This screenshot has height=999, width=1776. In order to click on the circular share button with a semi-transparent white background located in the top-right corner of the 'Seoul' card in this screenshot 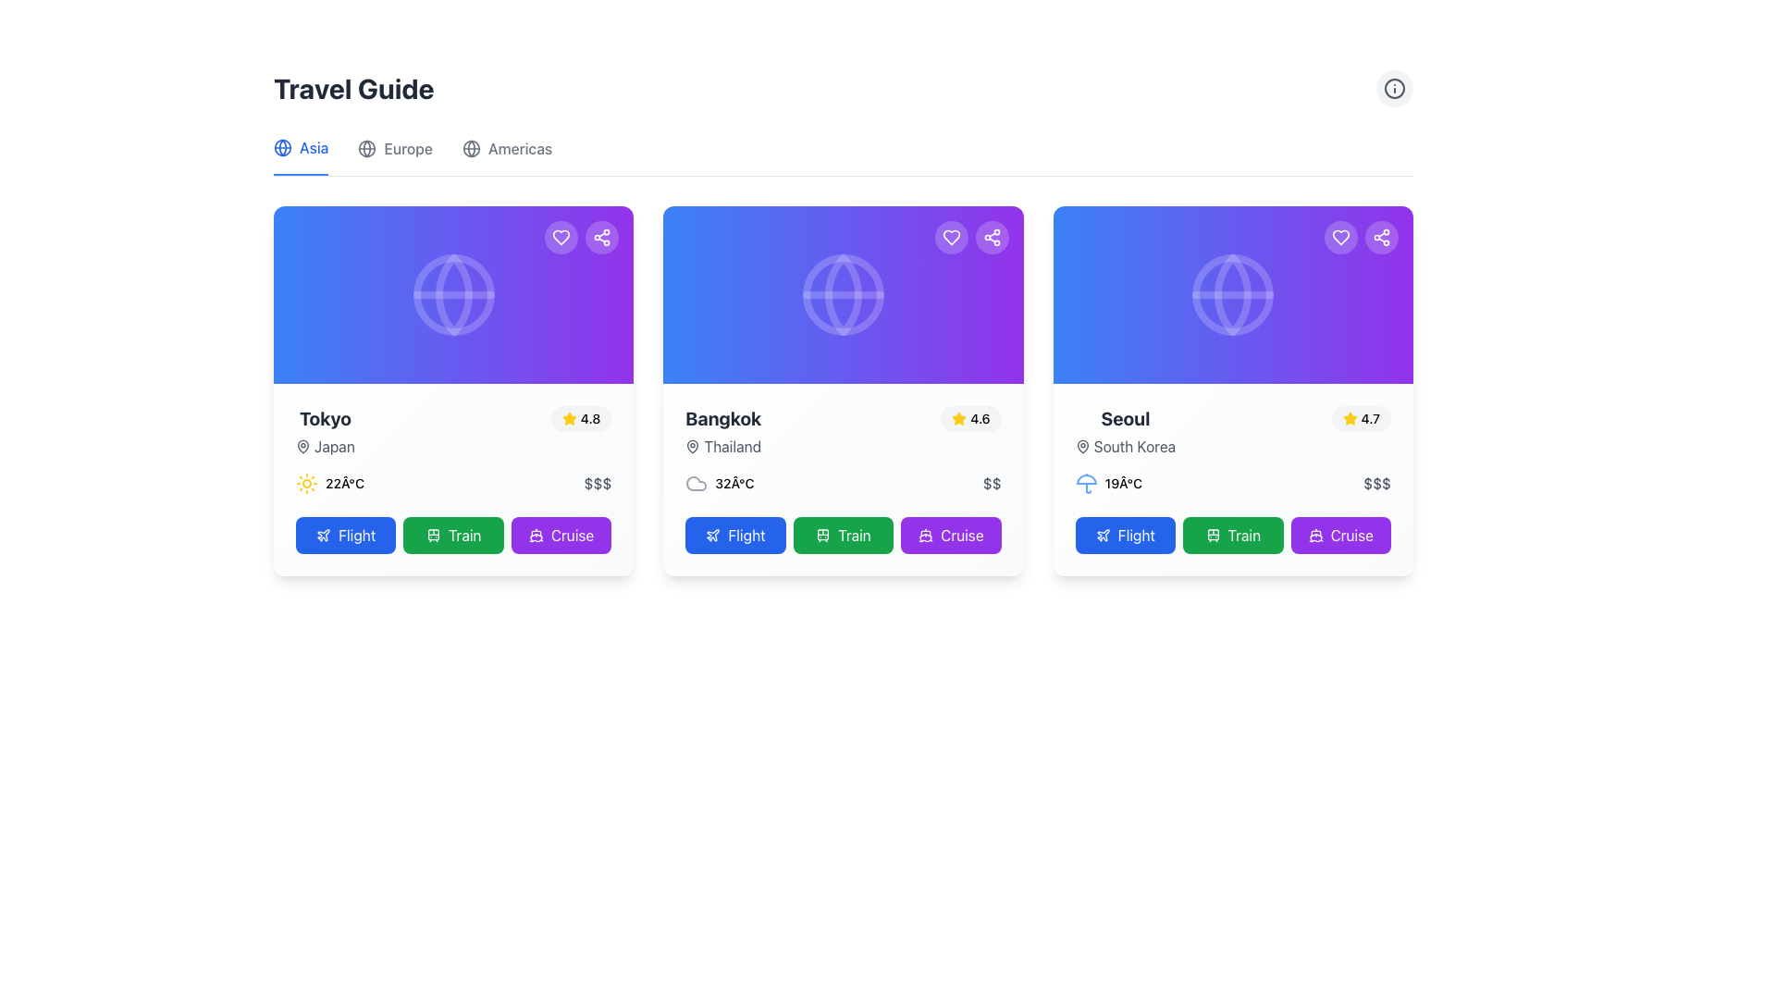, I will do `click(1381, 237)`.